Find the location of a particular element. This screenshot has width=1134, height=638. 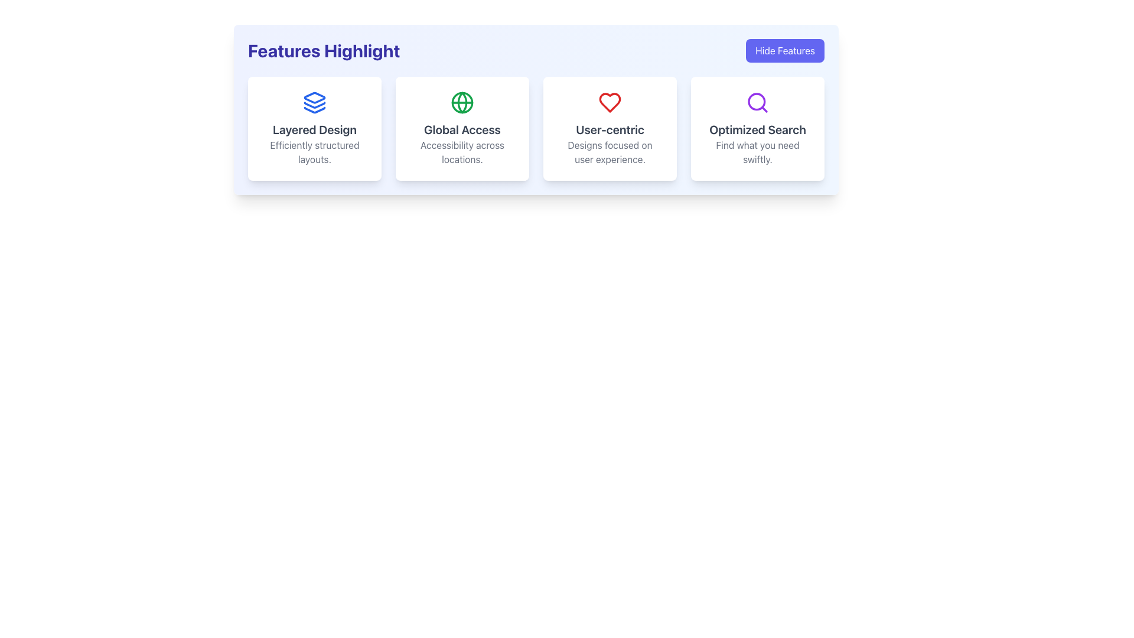

the purple magnifying glass icon located above the 'Optimized Search' text in the fourth card of the horizontal feature grid is located at coordinates (757, 102).